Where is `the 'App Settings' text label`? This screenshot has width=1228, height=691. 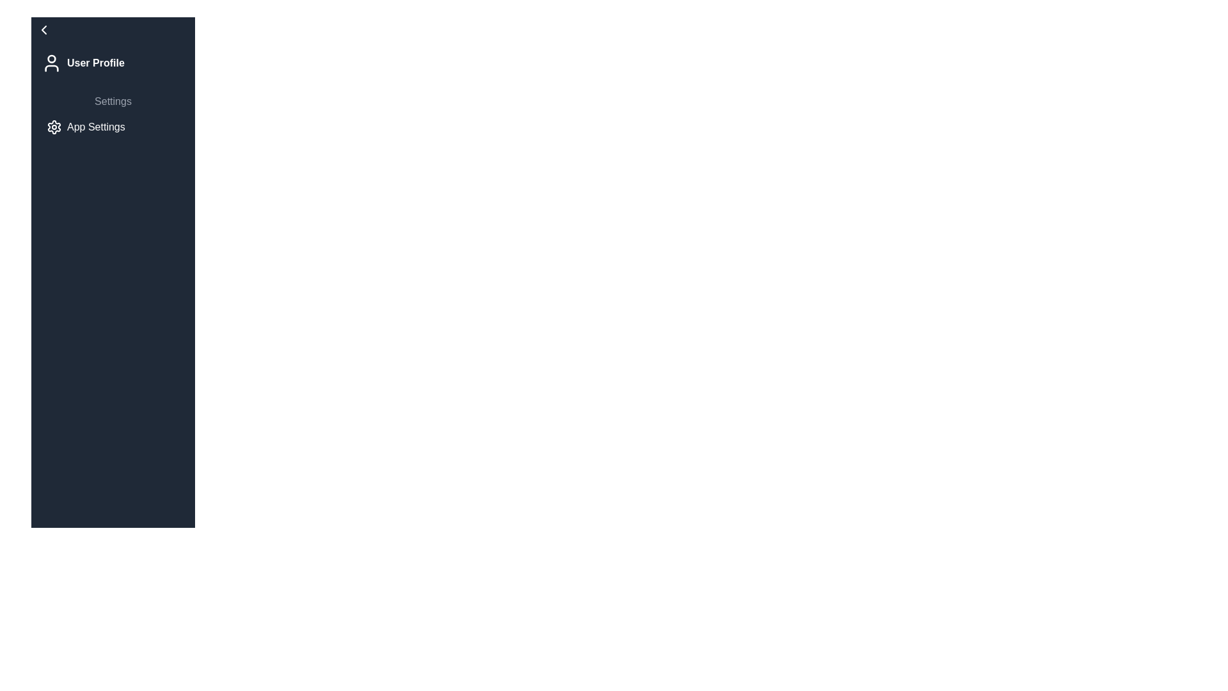
the 'App Settings' text label is located at coordinates (95, 127).